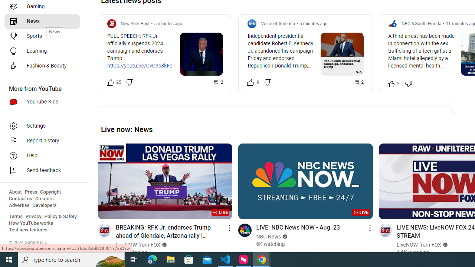  Describe the element at coordinates (60, 217) in the screenshot. I see `'Policy & Safety'` at that location.